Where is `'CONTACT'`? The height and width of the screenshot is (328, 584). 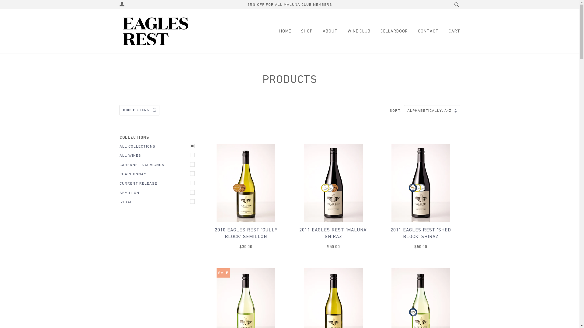 'CONTACT' is located at coordinates (423, 31).